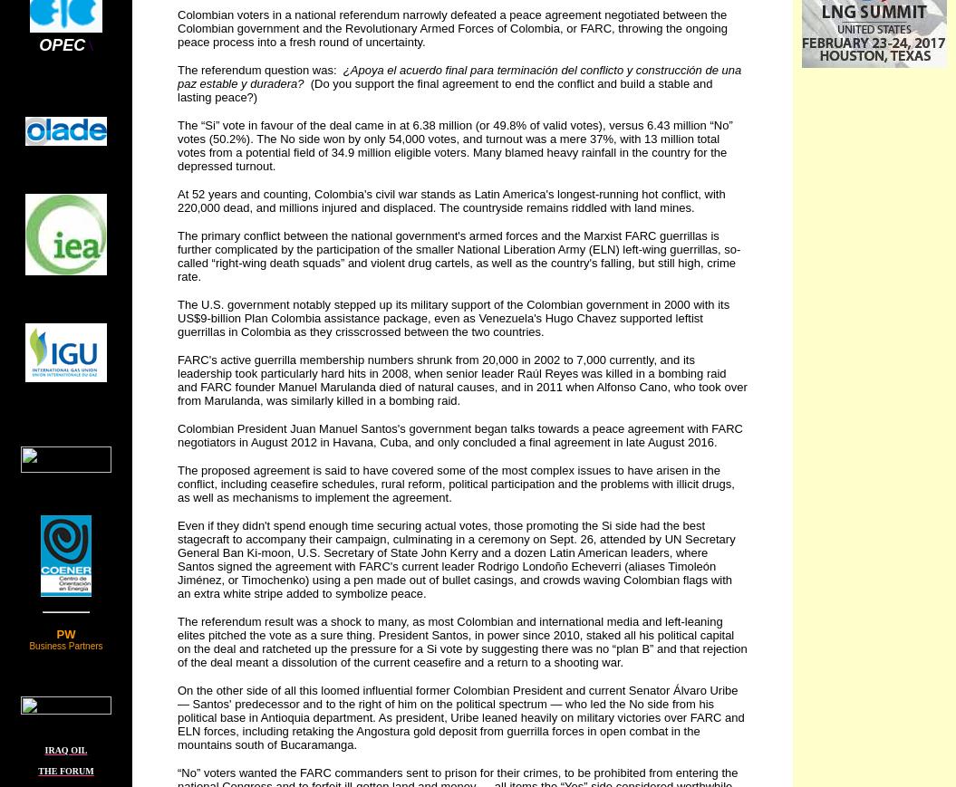  I want to click on '(Do you support the final agreement to end the conflict and build a stable and lasting peace?)', so click(444, 90).